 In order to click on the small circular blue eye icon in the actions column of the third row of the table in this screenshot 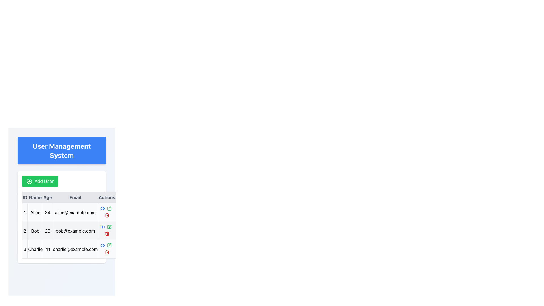, I will do `click(102, 245)`.